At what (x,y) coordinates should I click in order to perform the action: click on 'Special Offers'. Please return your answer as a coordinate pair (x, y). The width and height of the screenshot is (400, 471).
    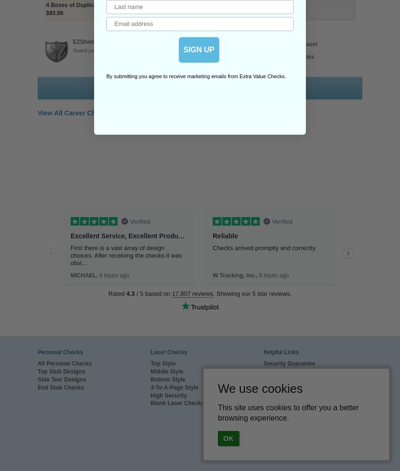
    Looking at the image, I should click on (263, 380).